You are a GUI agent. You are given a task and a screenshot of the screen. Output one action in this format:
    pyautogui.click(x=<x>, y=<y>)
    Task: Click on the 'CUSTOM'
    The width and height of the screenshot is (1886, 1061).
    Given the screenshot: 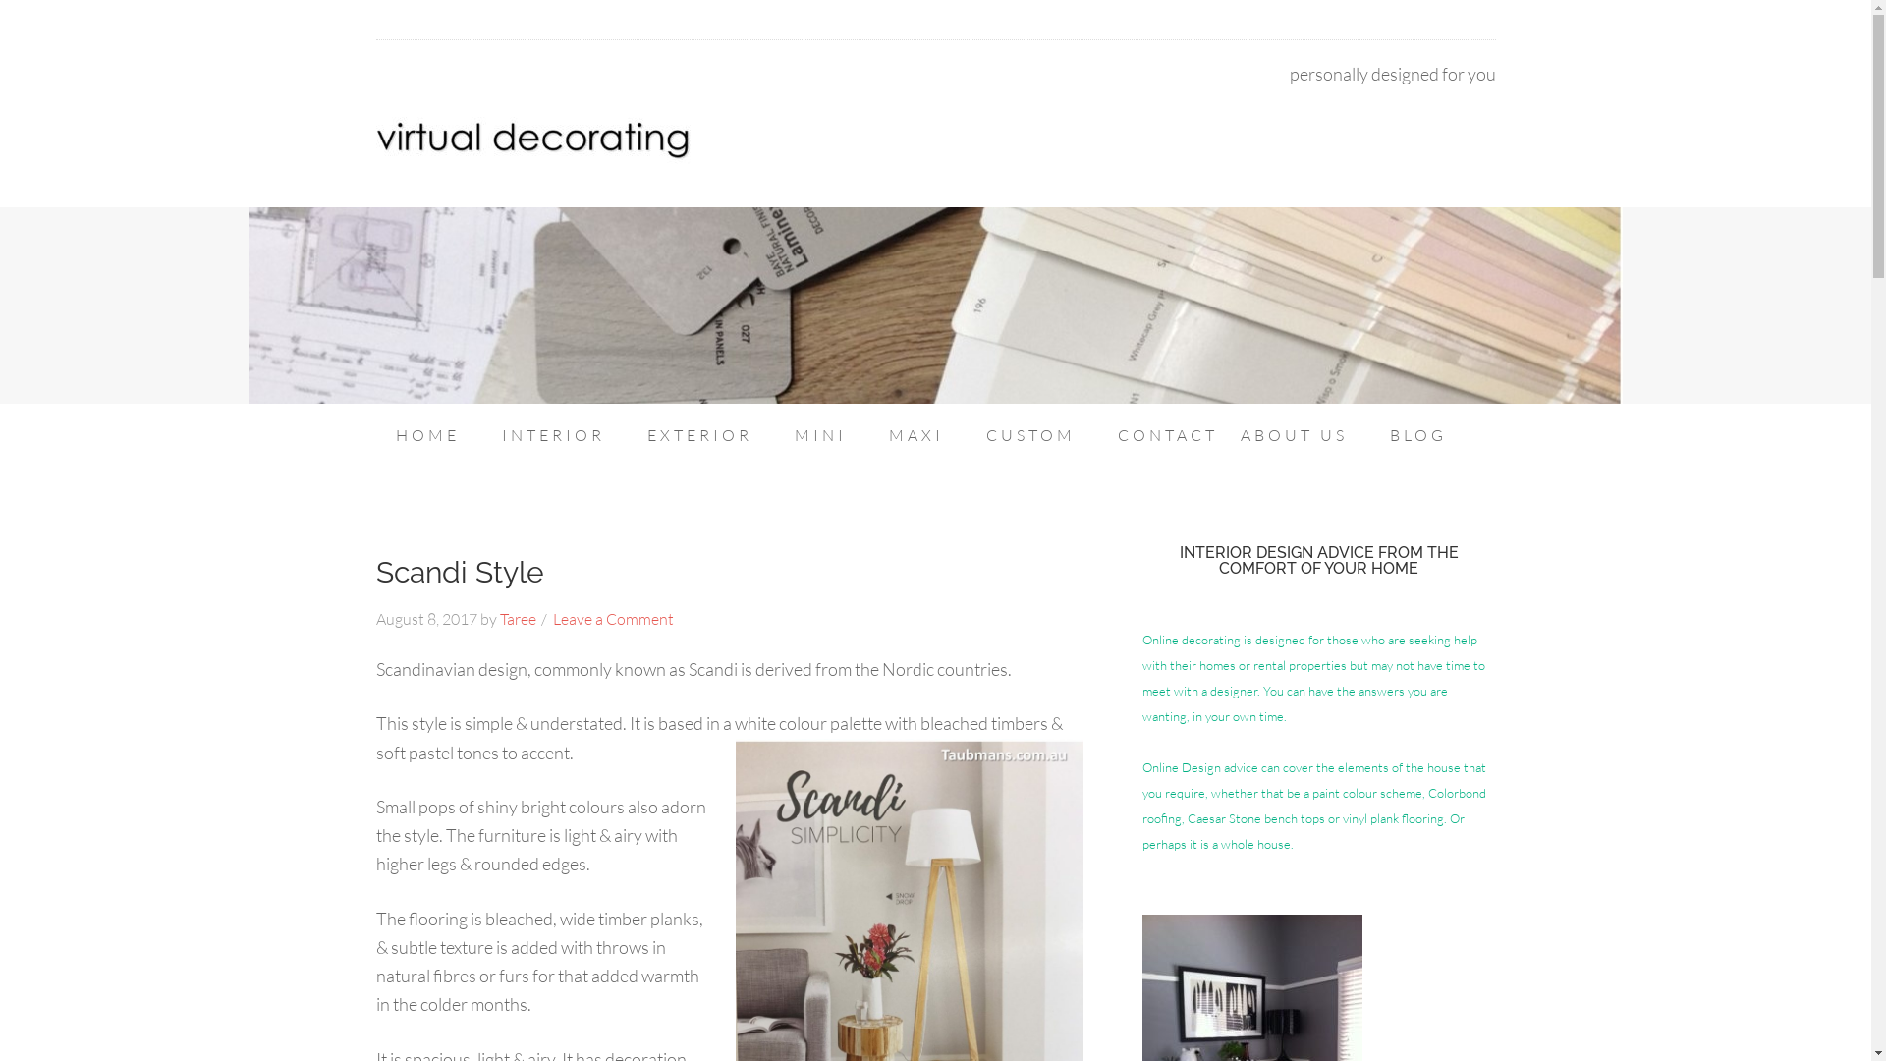 What is the action you would take?
    pyautogui.click(x=1029, y=434)
    